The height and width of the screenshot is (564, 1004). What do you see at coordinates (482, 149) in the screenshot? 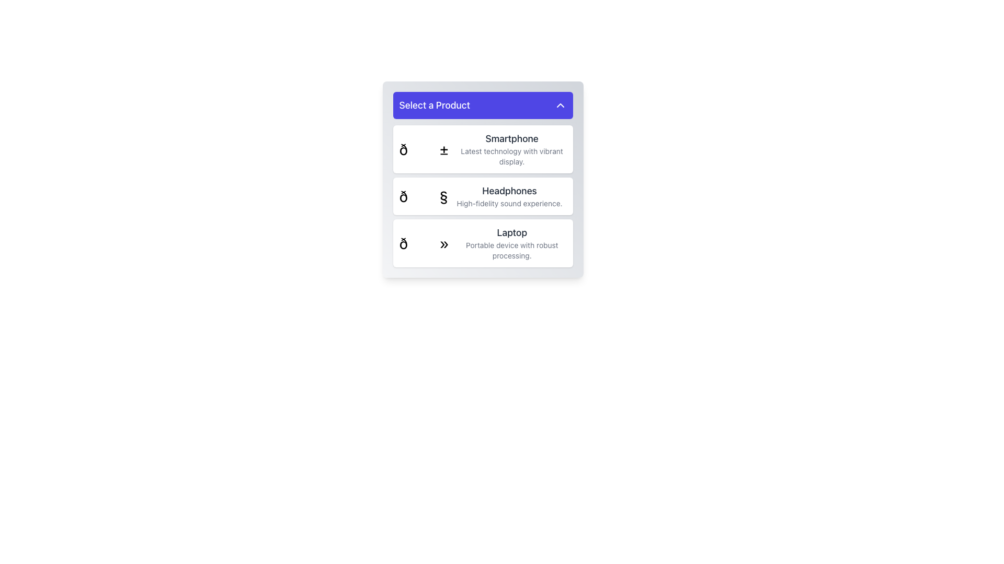
I see `the first list item which contains a smartphone icon, header 'Smartphone', and description 'Latest technology with vibrant display.'` at bounding box center [482, 149].